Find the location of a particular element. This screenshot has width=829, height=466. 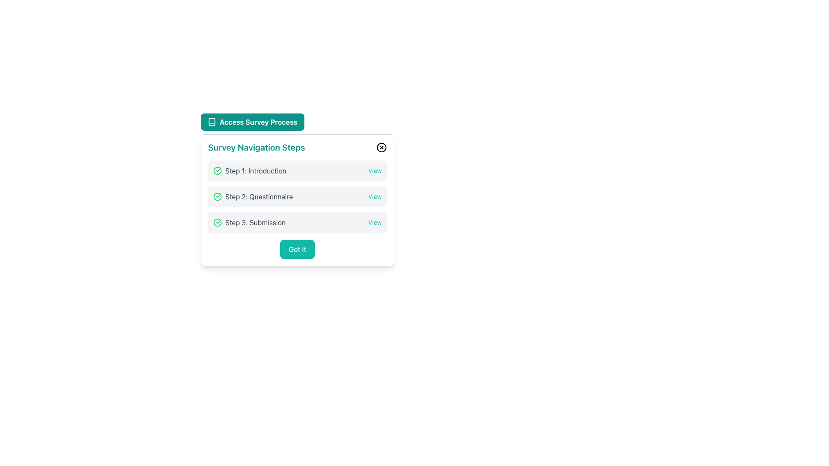

the 'Got It' button, which is a teal-colored button with white text located at the bottom of the 'Survey Navigation Steps' panel is located at coordinates (297, 249).